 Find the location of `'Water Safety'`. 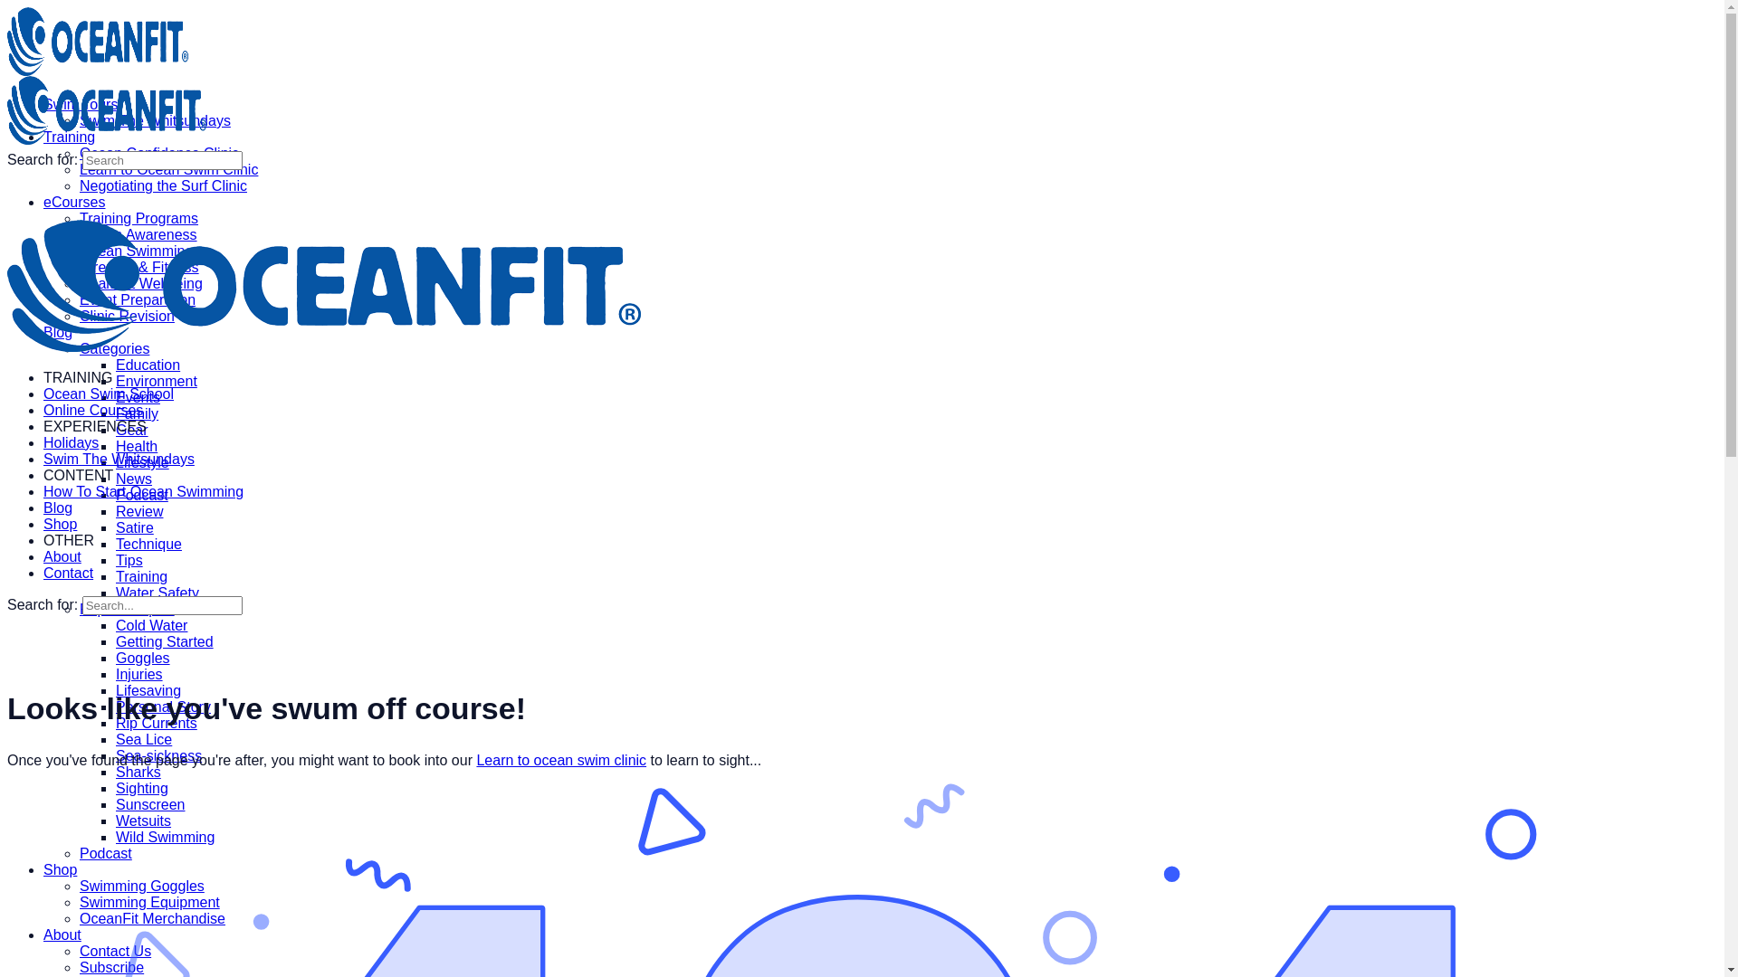

'Water Safety' is located at coordinates (115, 593).